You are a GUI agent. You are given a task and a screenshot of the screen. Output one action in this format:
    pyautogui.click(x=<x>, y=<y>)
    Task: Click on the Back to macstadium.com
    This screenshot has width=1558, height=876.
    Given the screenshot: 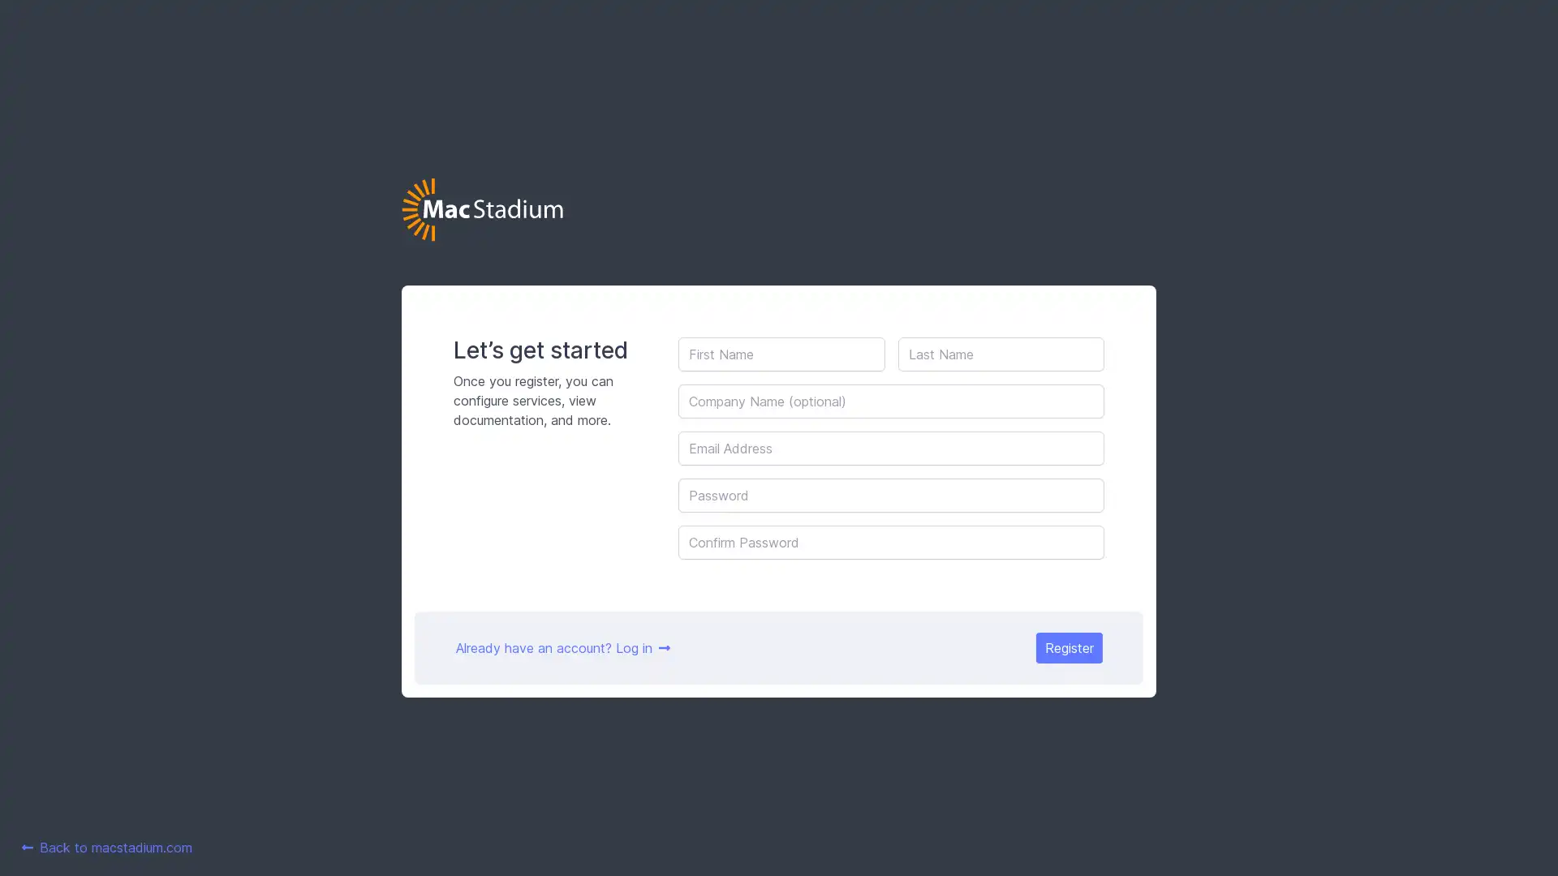 What is the action you would take?
    pyautogui.click(x=106, y=847)
    